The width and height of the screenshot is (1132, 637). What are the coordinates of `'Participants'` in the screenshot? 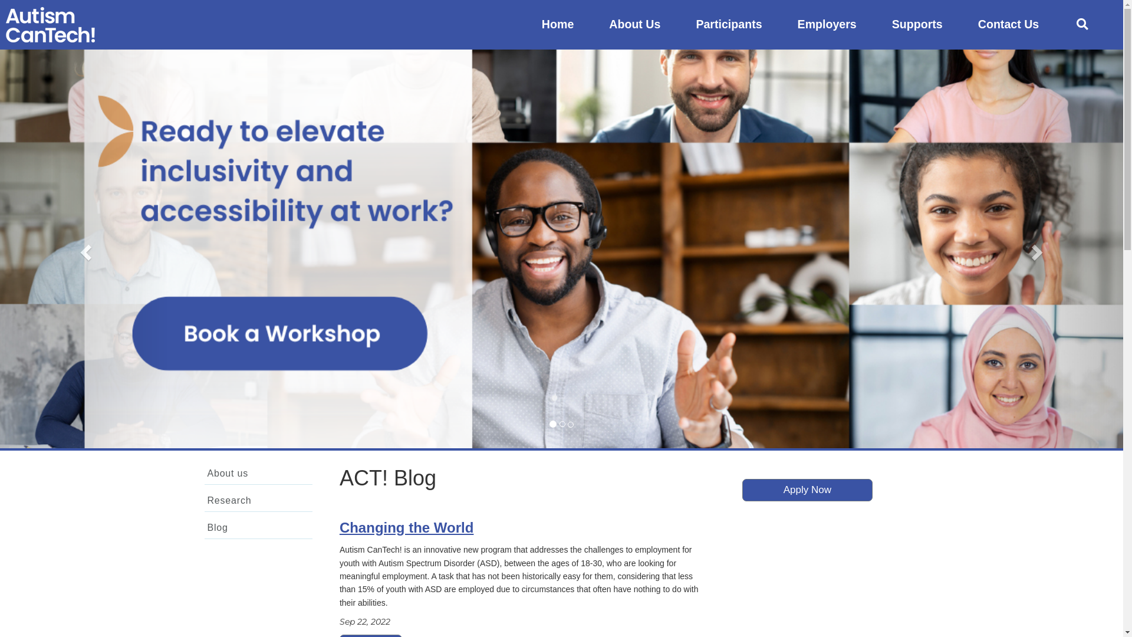 It's located at (728, 25).